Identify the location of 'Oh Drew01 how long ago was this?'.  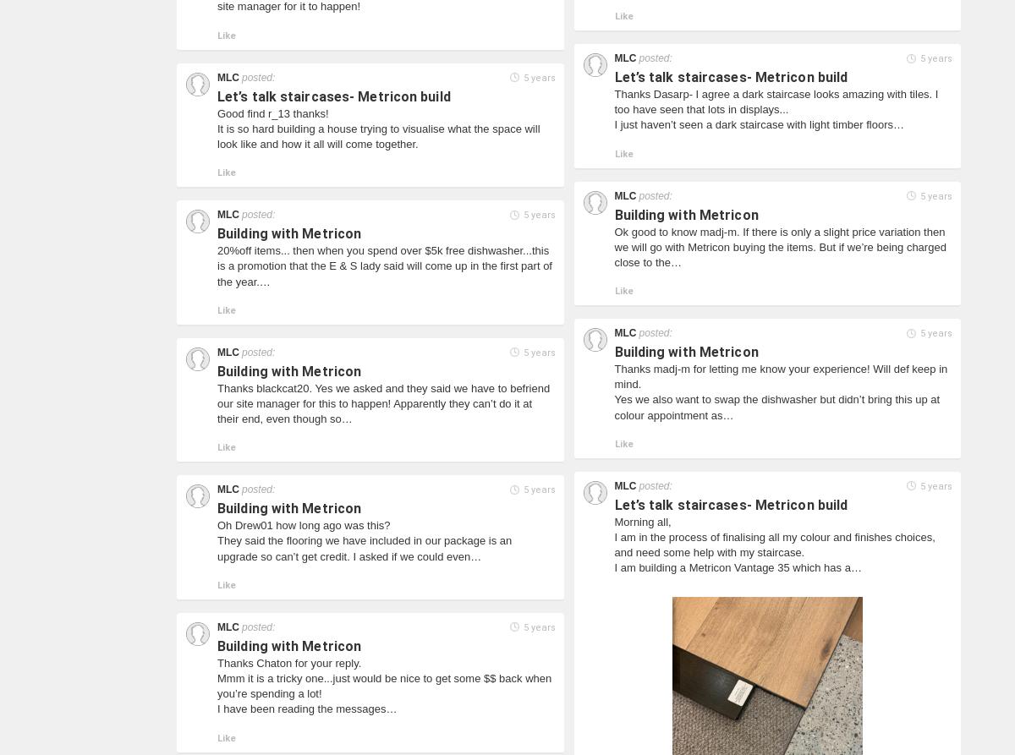
(304, 525).